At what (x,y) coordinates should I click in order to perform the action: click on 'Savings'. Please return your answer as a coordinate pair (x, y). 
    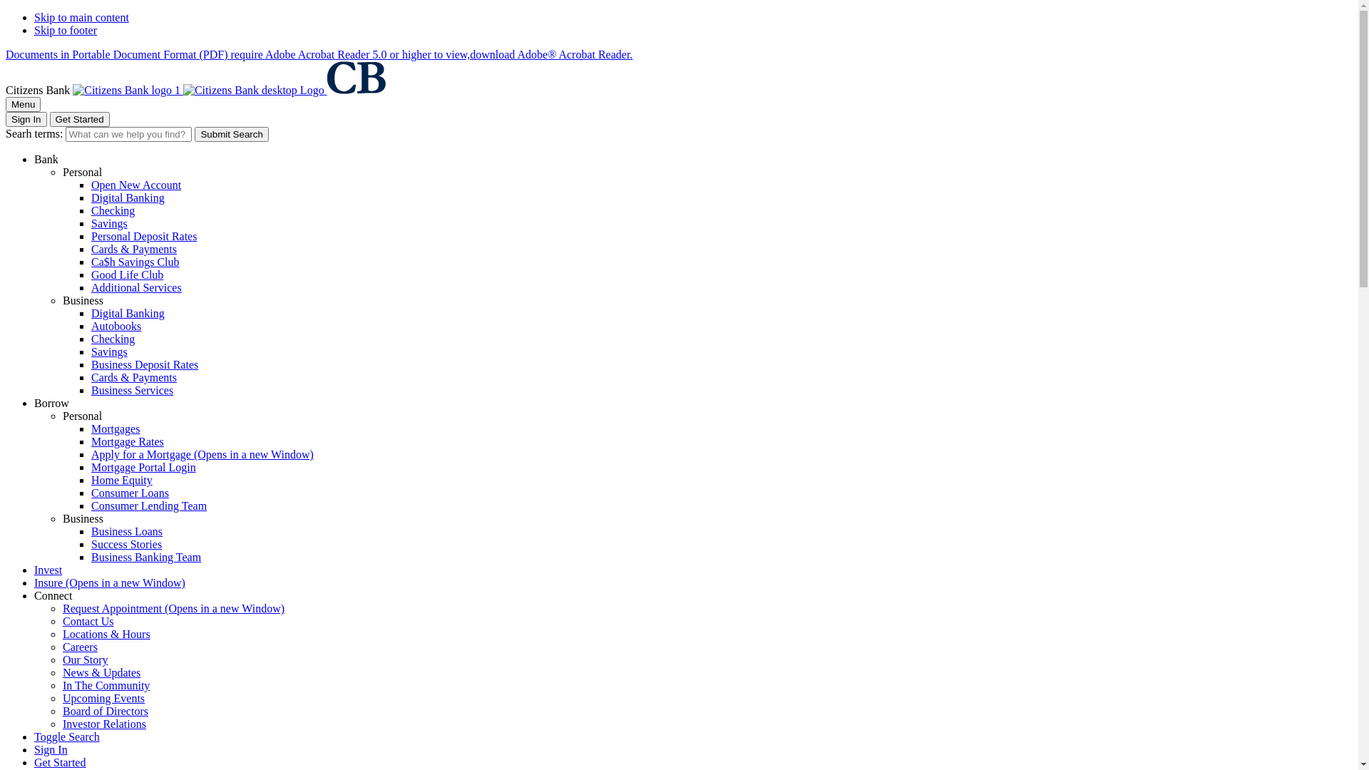
    Looking at the image, I should click on (108, 223).